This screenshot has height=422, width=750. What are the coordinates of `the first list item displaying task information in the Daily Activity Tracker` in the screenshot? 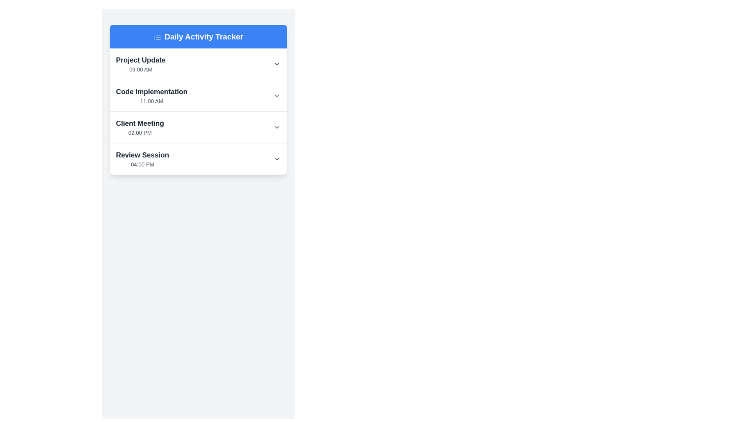 It's located at (198, 64).